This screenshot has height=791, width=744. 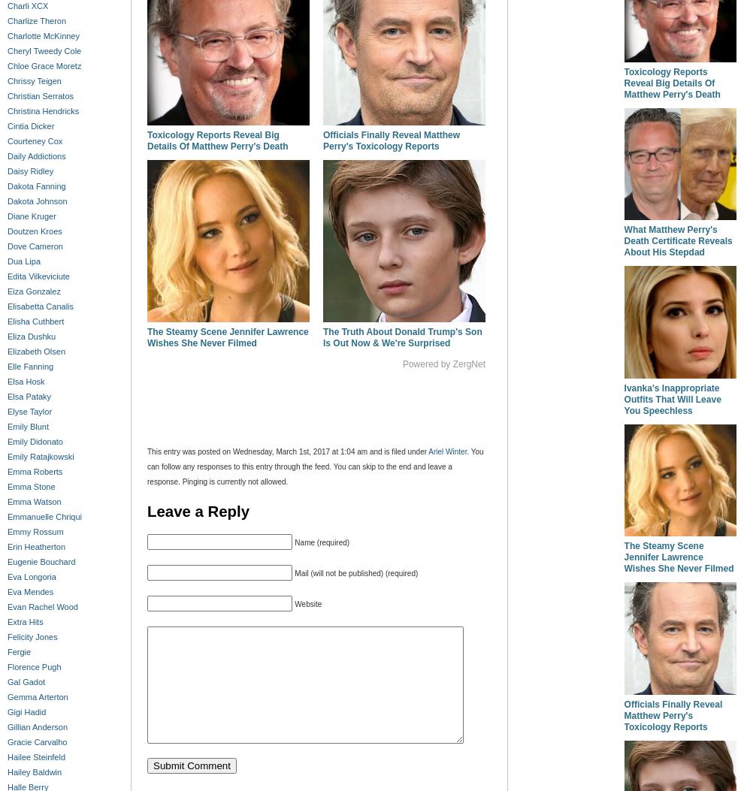 What do you see at coordinates (446, 451) in the screenshot?
I see `'Ariel Winter'` at bounding box center [446, 451].